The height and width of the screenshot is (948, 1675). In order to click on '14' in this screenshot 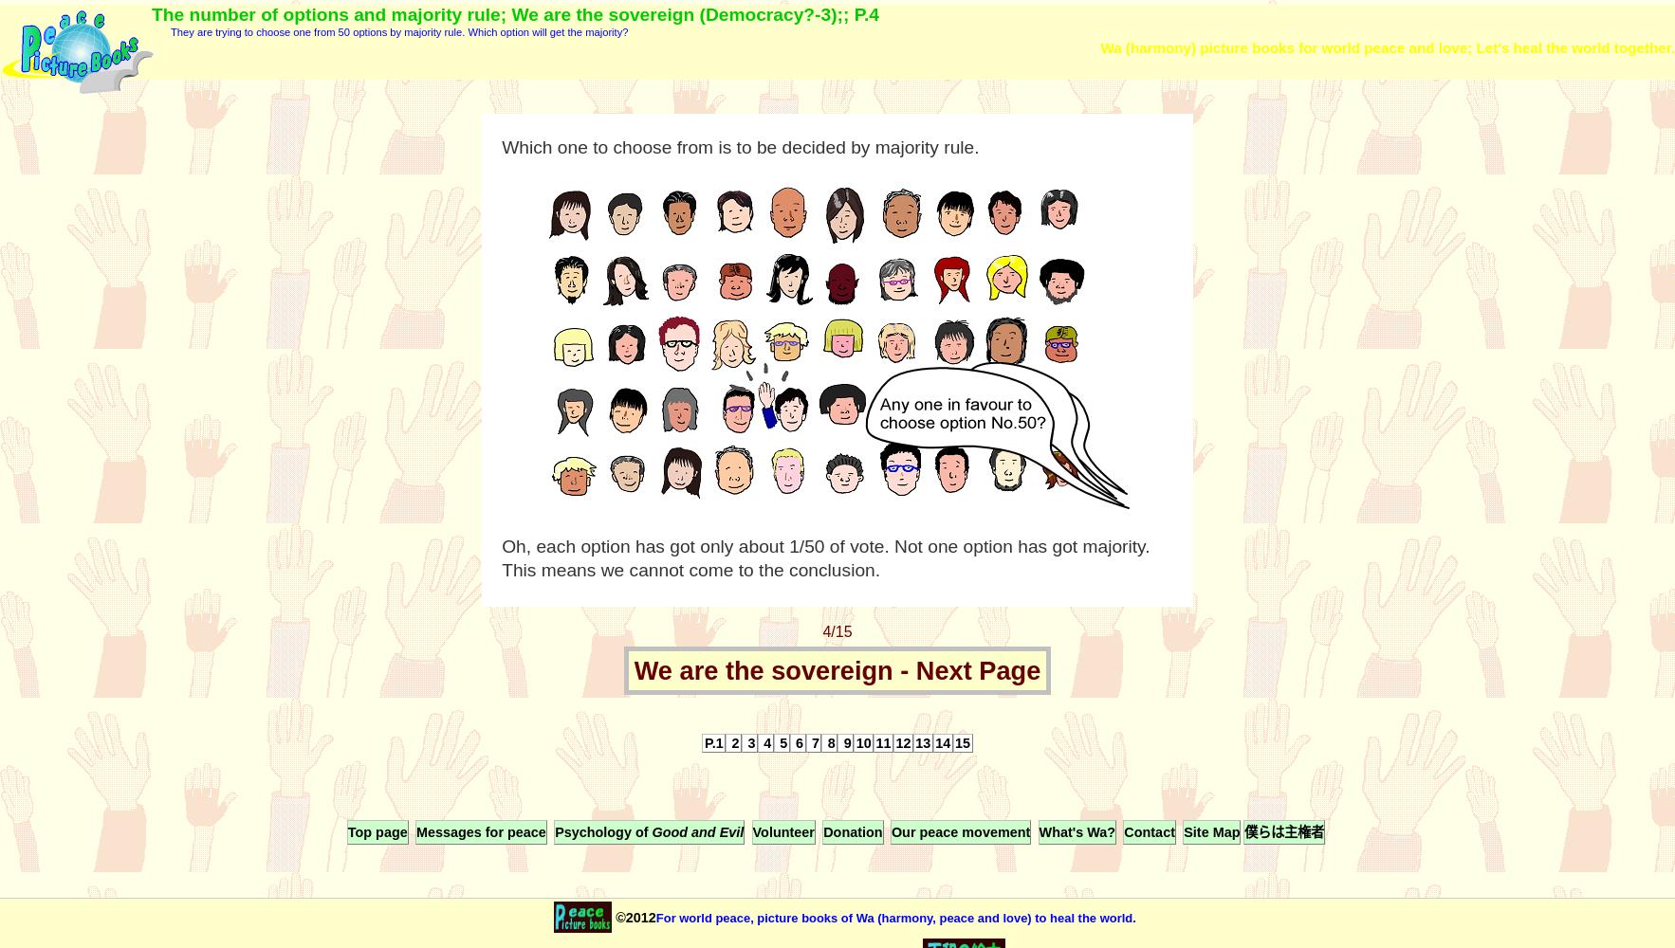, I will do `click(933, 743)`.